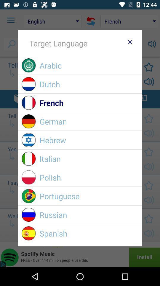 Image resolution: width=160 pixels, height=286 pixels. I want to click on the russian icon, so click(89, 214).